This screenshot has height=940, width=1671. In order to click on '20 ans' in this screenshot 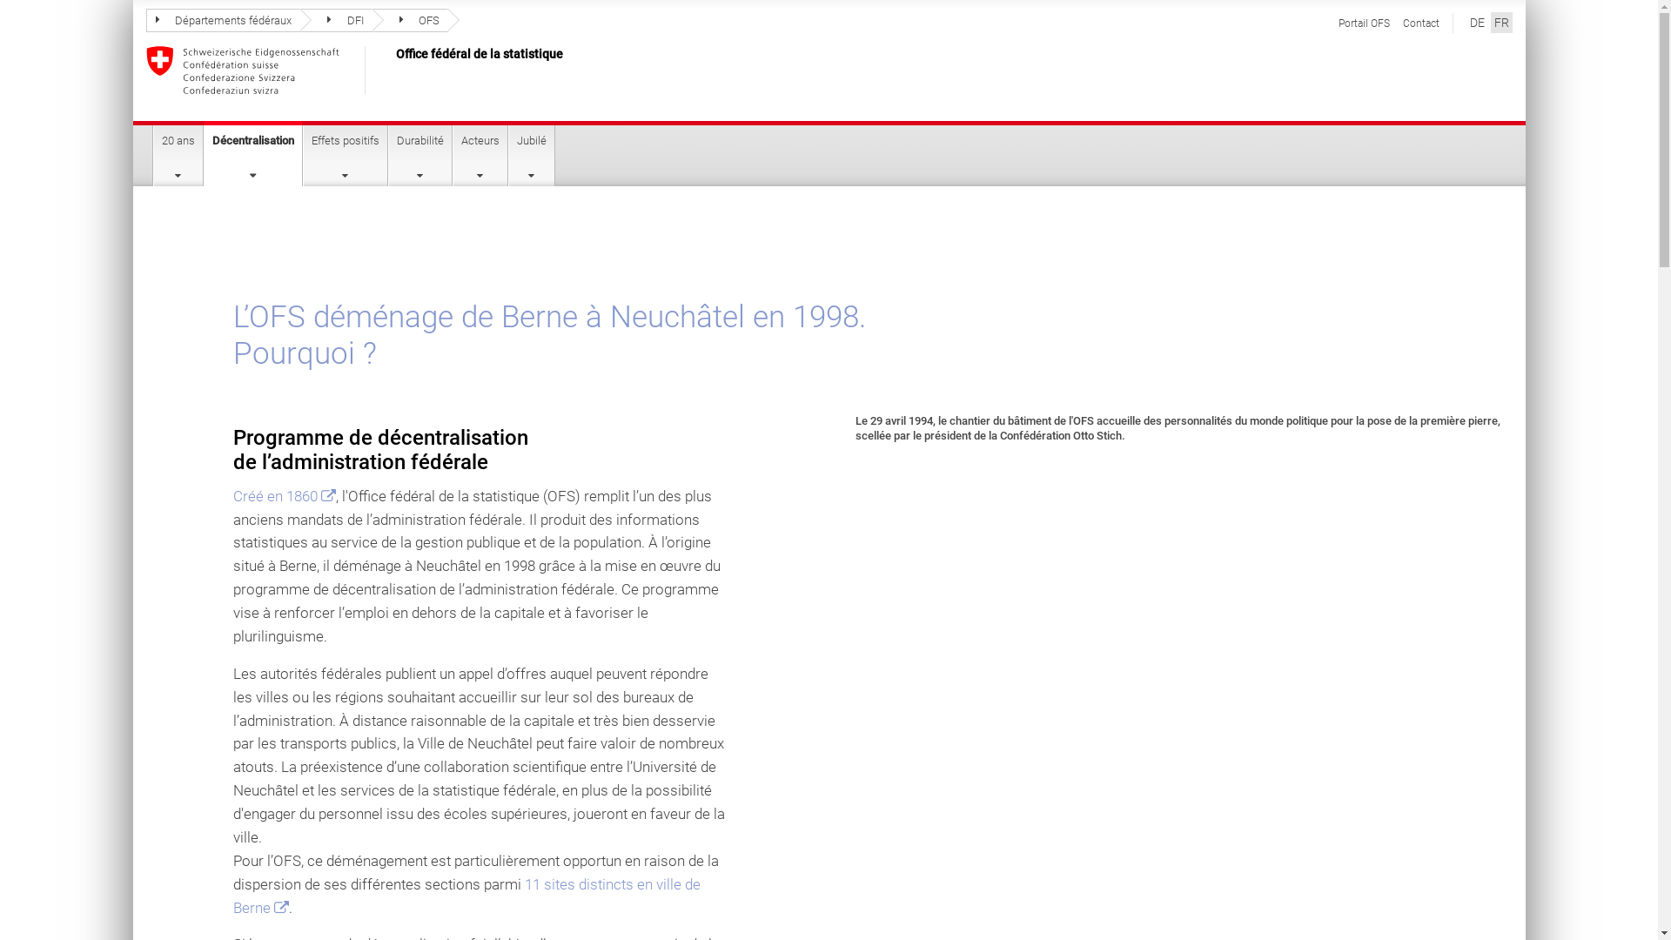, I will do `click(178, 154)`.